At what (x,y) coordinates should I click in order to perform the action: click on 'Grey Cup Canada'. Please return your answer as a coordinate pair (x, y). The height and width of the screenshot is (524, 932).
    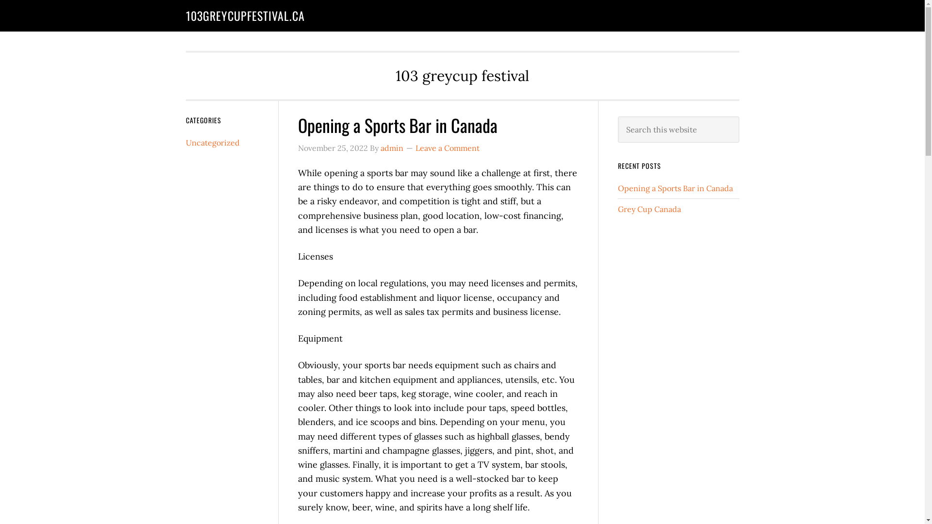
    Looking at the image, I should click on (649, 209).